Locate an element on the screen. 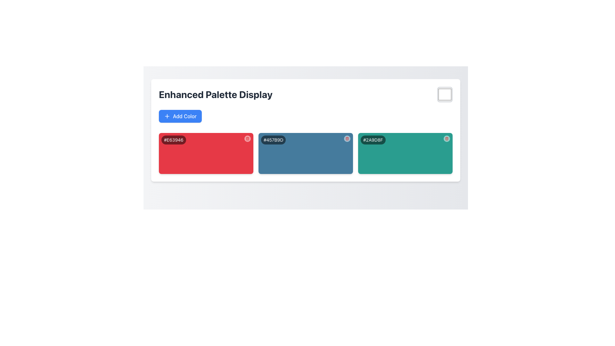  the center of the color swatch representing the color #457B9D, which is the second rectangle in a horizontal group of three color components located below the 'Add Color' button is located at coordinates (305, 153).